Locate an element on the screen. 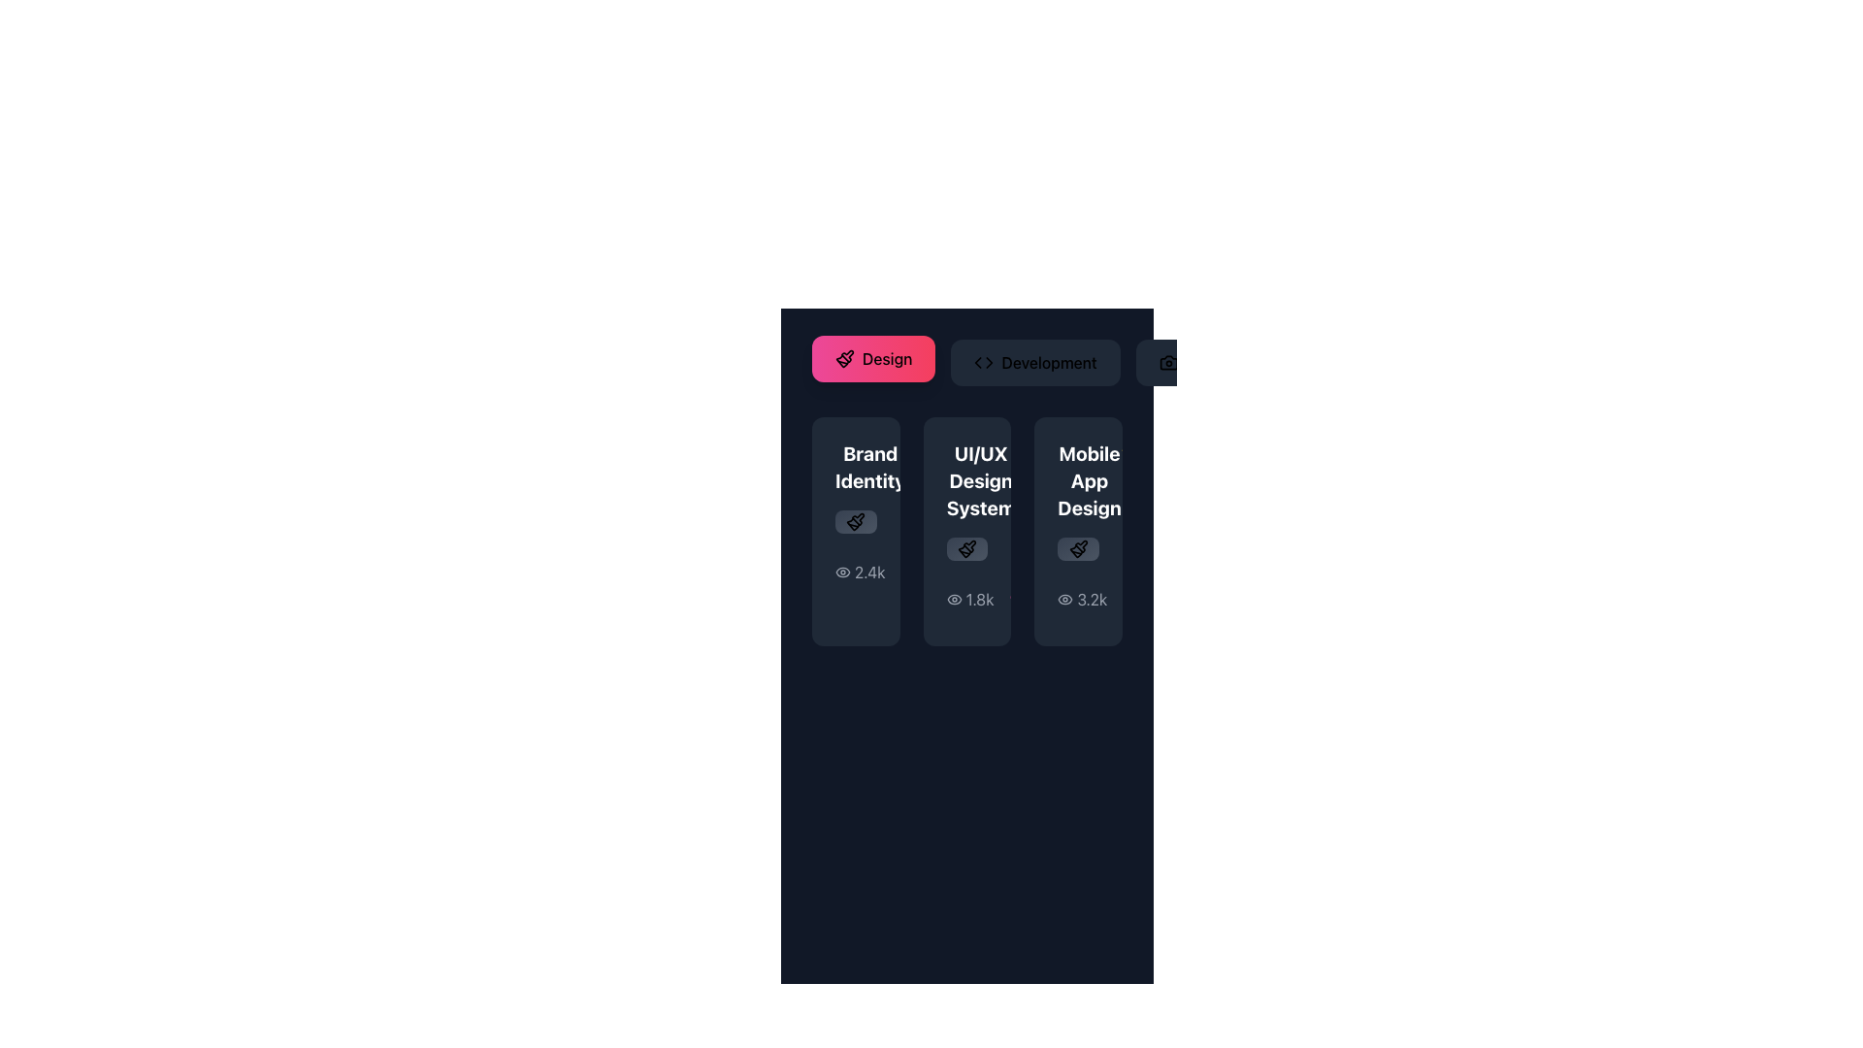 This screenshot has width=1863, height=1048. the text label displaying '2.4k' adjacent to the eye icon, which signifies views or attention is located at coordinates (859, 572).